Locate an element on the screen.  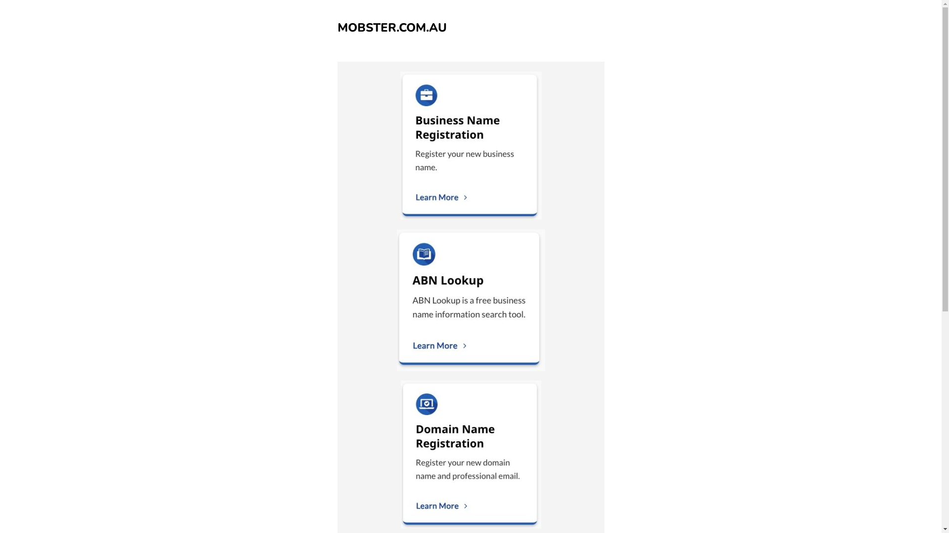
'MOBSTER.COM.AU' is located at coordinates (391, 27).